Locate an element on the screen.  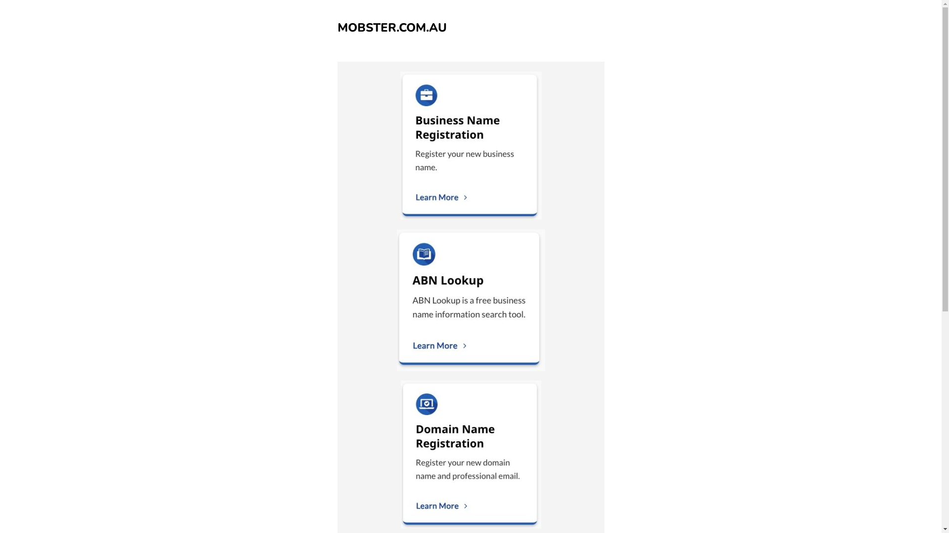
'MOBSTER.COM.AU' is located at coordinates (391, 27).